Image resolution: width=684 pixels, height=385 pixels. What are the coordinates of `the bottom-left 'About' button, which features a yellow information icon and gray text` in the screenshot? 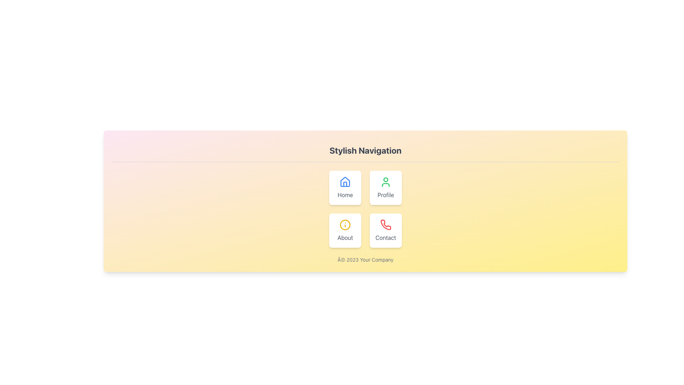 It's located at (345, 231).